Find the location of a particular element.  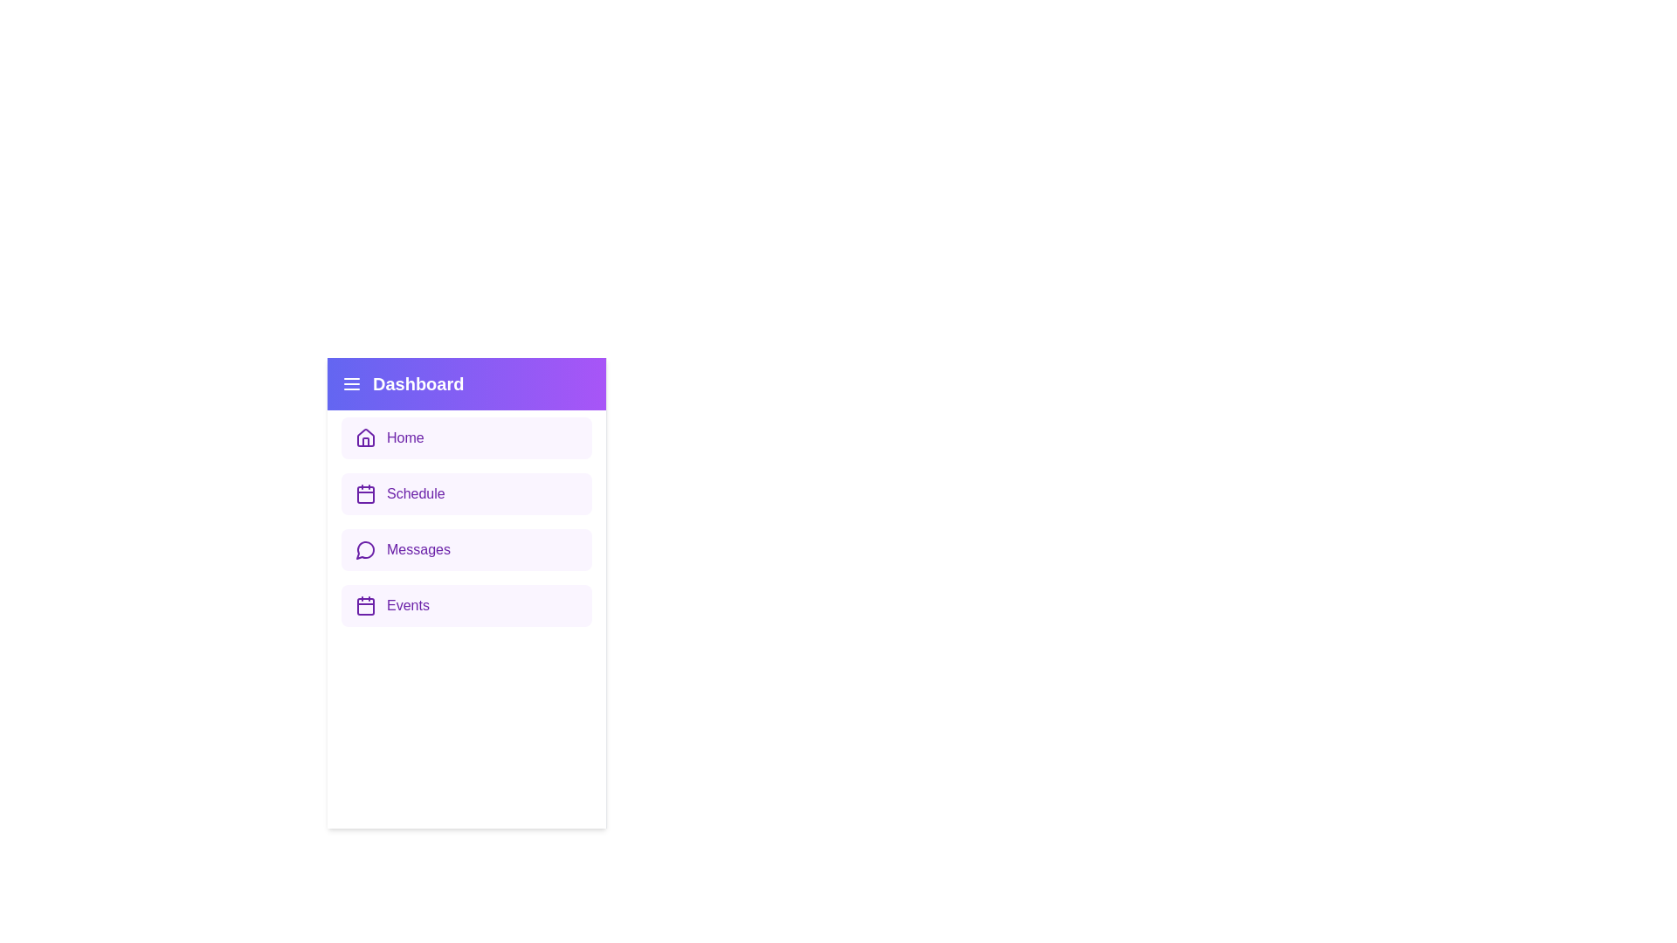

the menu icon in the sidebar header to toggle the sidebar visibility is located at coordinates (351, 382).